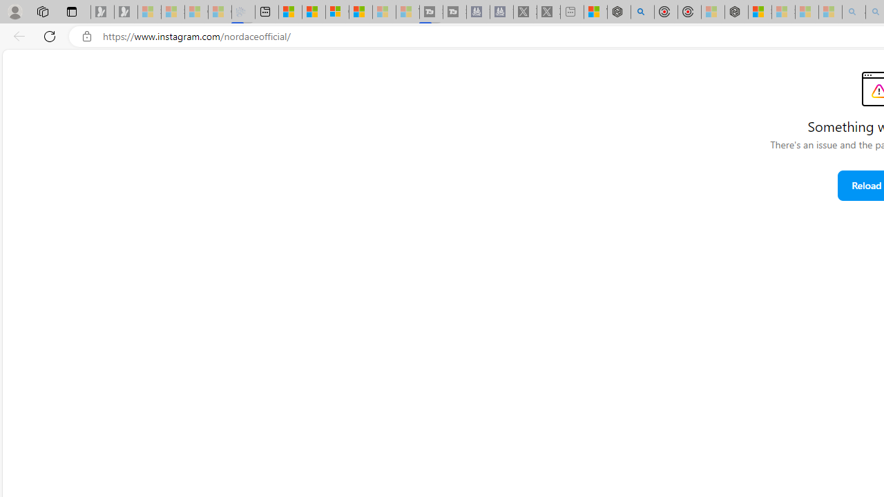 The width and height of the screenshot is (884, 497). I want to click on 'Microsoft Start - Sleeping', so click(384, 12).